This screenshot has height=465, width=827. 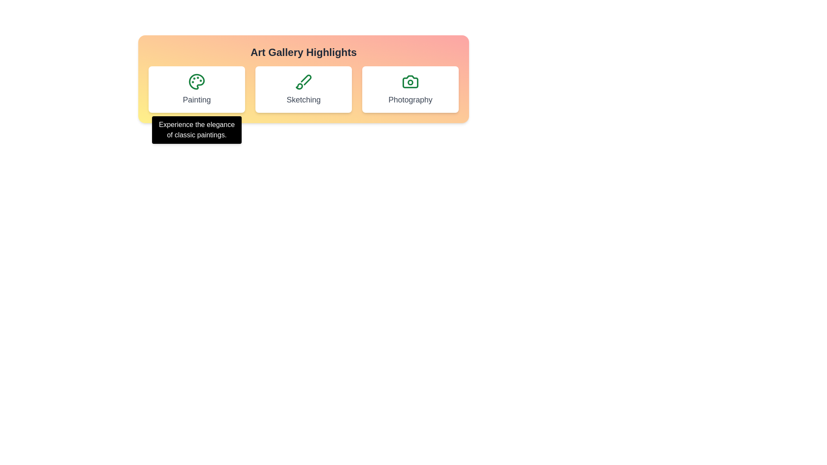 What do you see at coordinates (410, 82) in the screenshot?
I see `the small circular shape within the camera icon that has a green outline, located in the 'Art Gallery Highlights' section` at bounding box center [410, 82].